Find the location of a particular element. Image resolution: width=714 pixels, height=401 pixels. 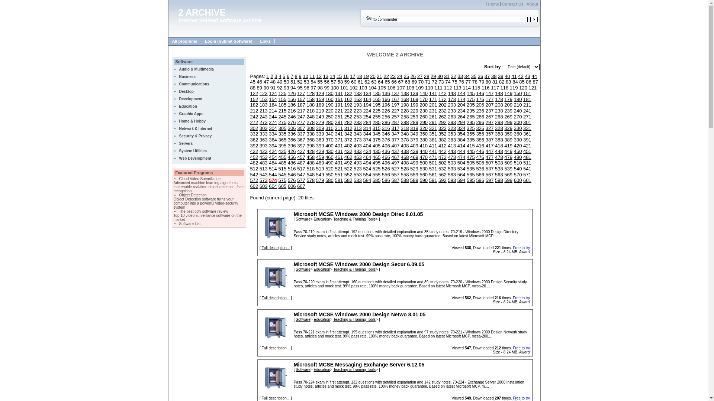

'334' is located at coordinates (273, 134).